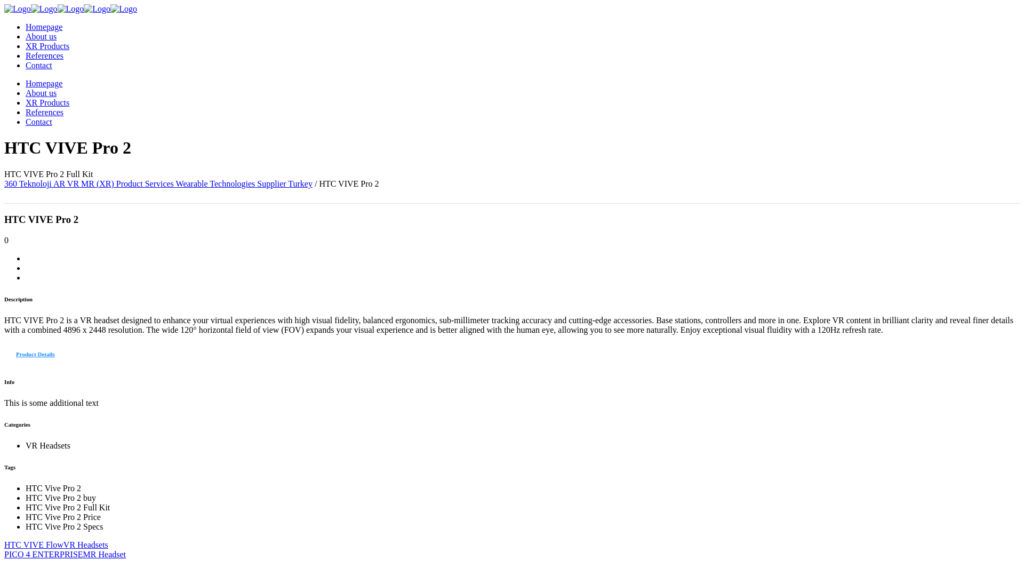 The width and height of the screenshot is (1024, 576). I want to click on 'XR Products', so click(47, 45).